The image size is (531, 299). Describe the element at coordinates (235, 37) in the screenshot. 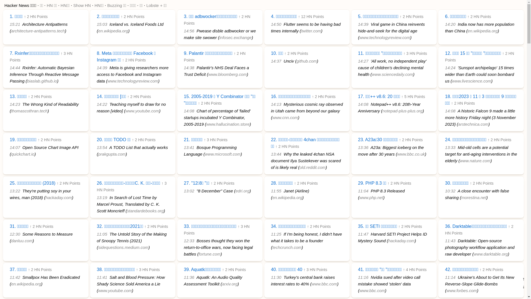

I see `'infosec.exchange'` at that location.